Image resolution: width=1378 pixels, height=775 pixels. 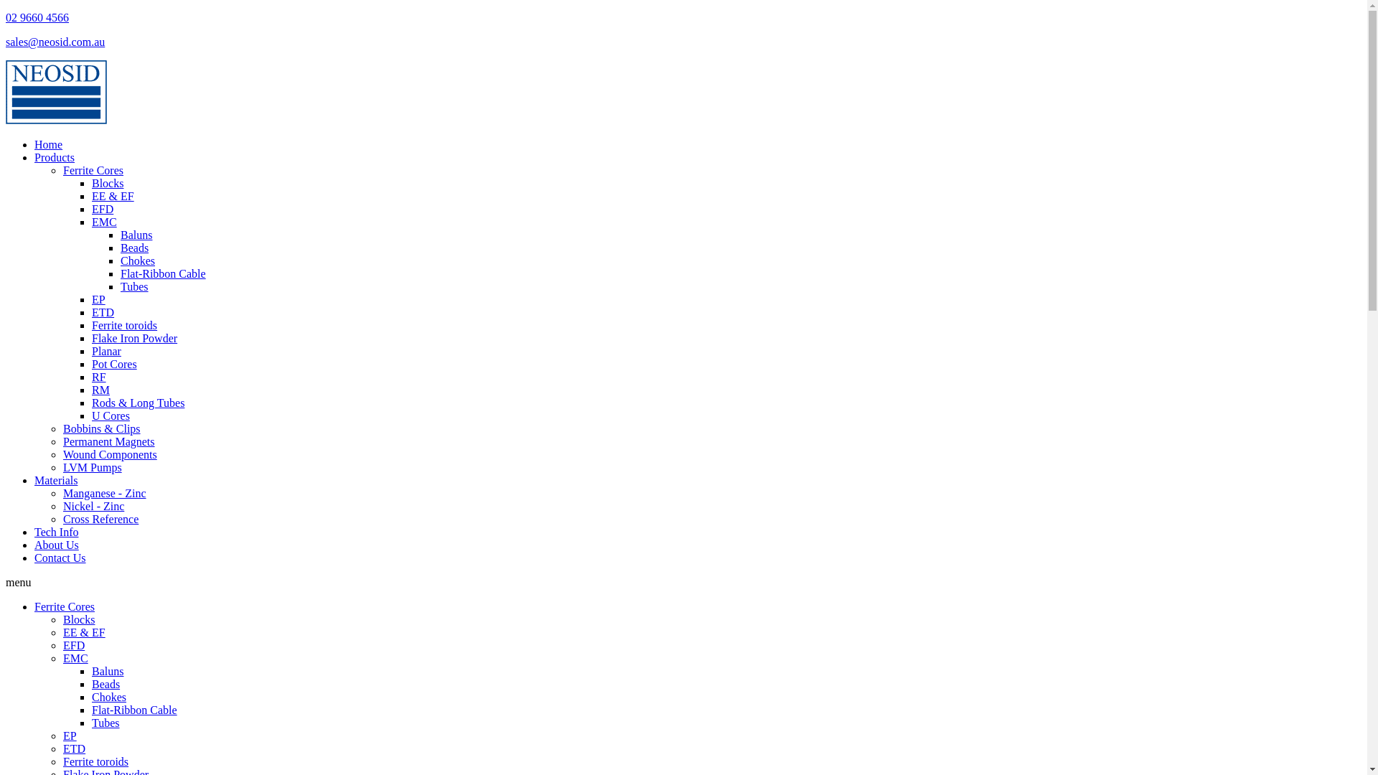 What do you see at coordinates (103, 492) in the screenshot?
I see `'Manganese - Zinc'` at bounding box center [103, 492].